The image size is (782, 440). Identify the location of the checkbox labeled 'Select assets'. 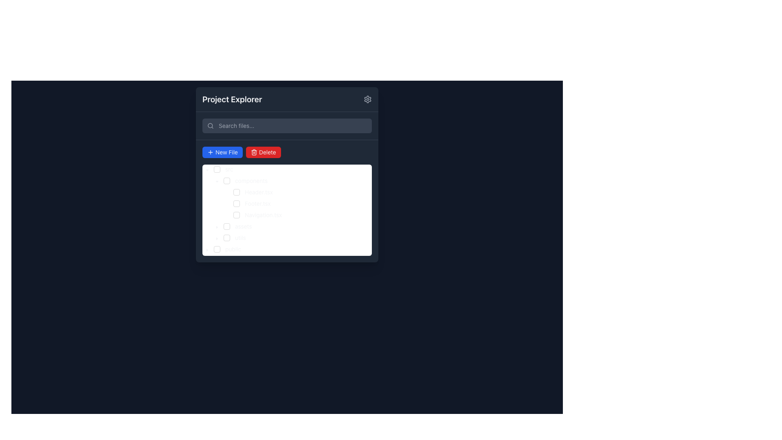
(226, 226).